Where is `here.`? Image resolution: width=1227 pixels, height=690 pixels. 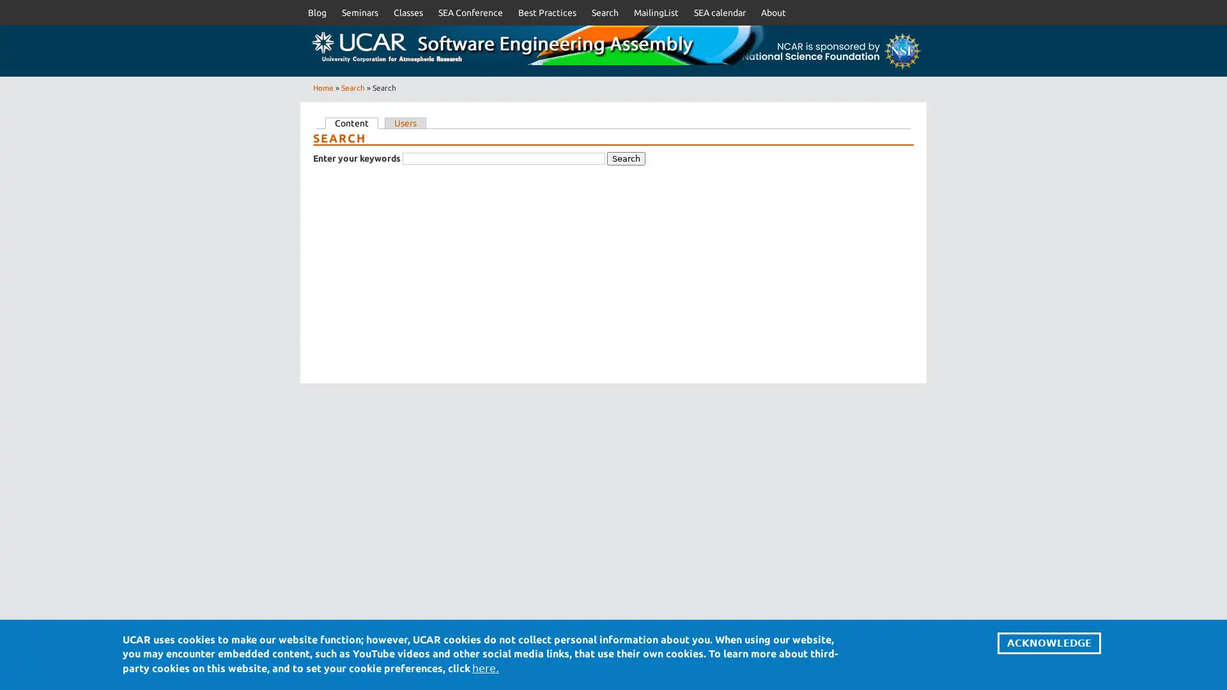 here. is located at coordinates (484, 667).